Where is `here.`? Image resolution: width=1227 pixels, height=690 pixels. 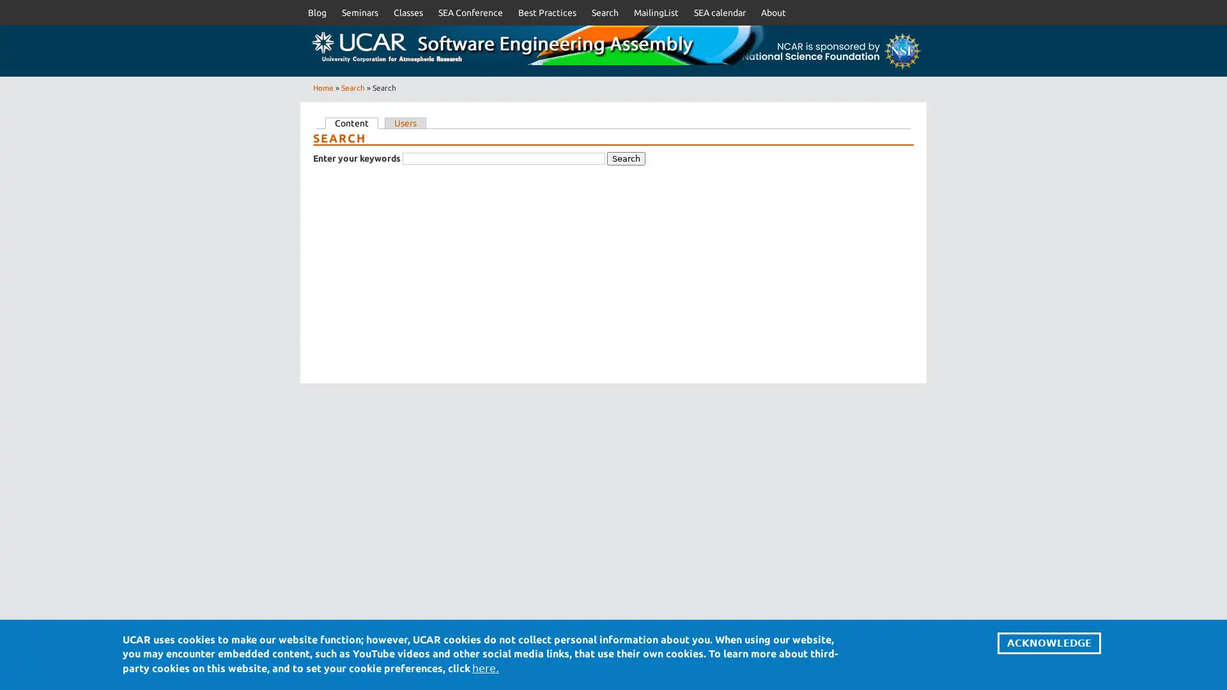 here. is located at coordinates (484, 667).